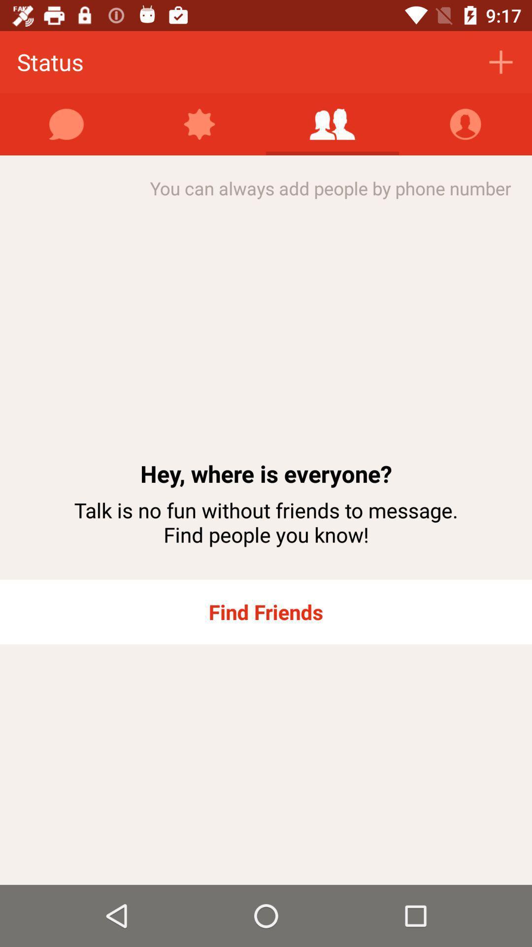 Image resolution: width=532 pixels, height=947 pixels. Describe the element at coordinates (66, 124) in the screenshot. I see `send a message` at that location.